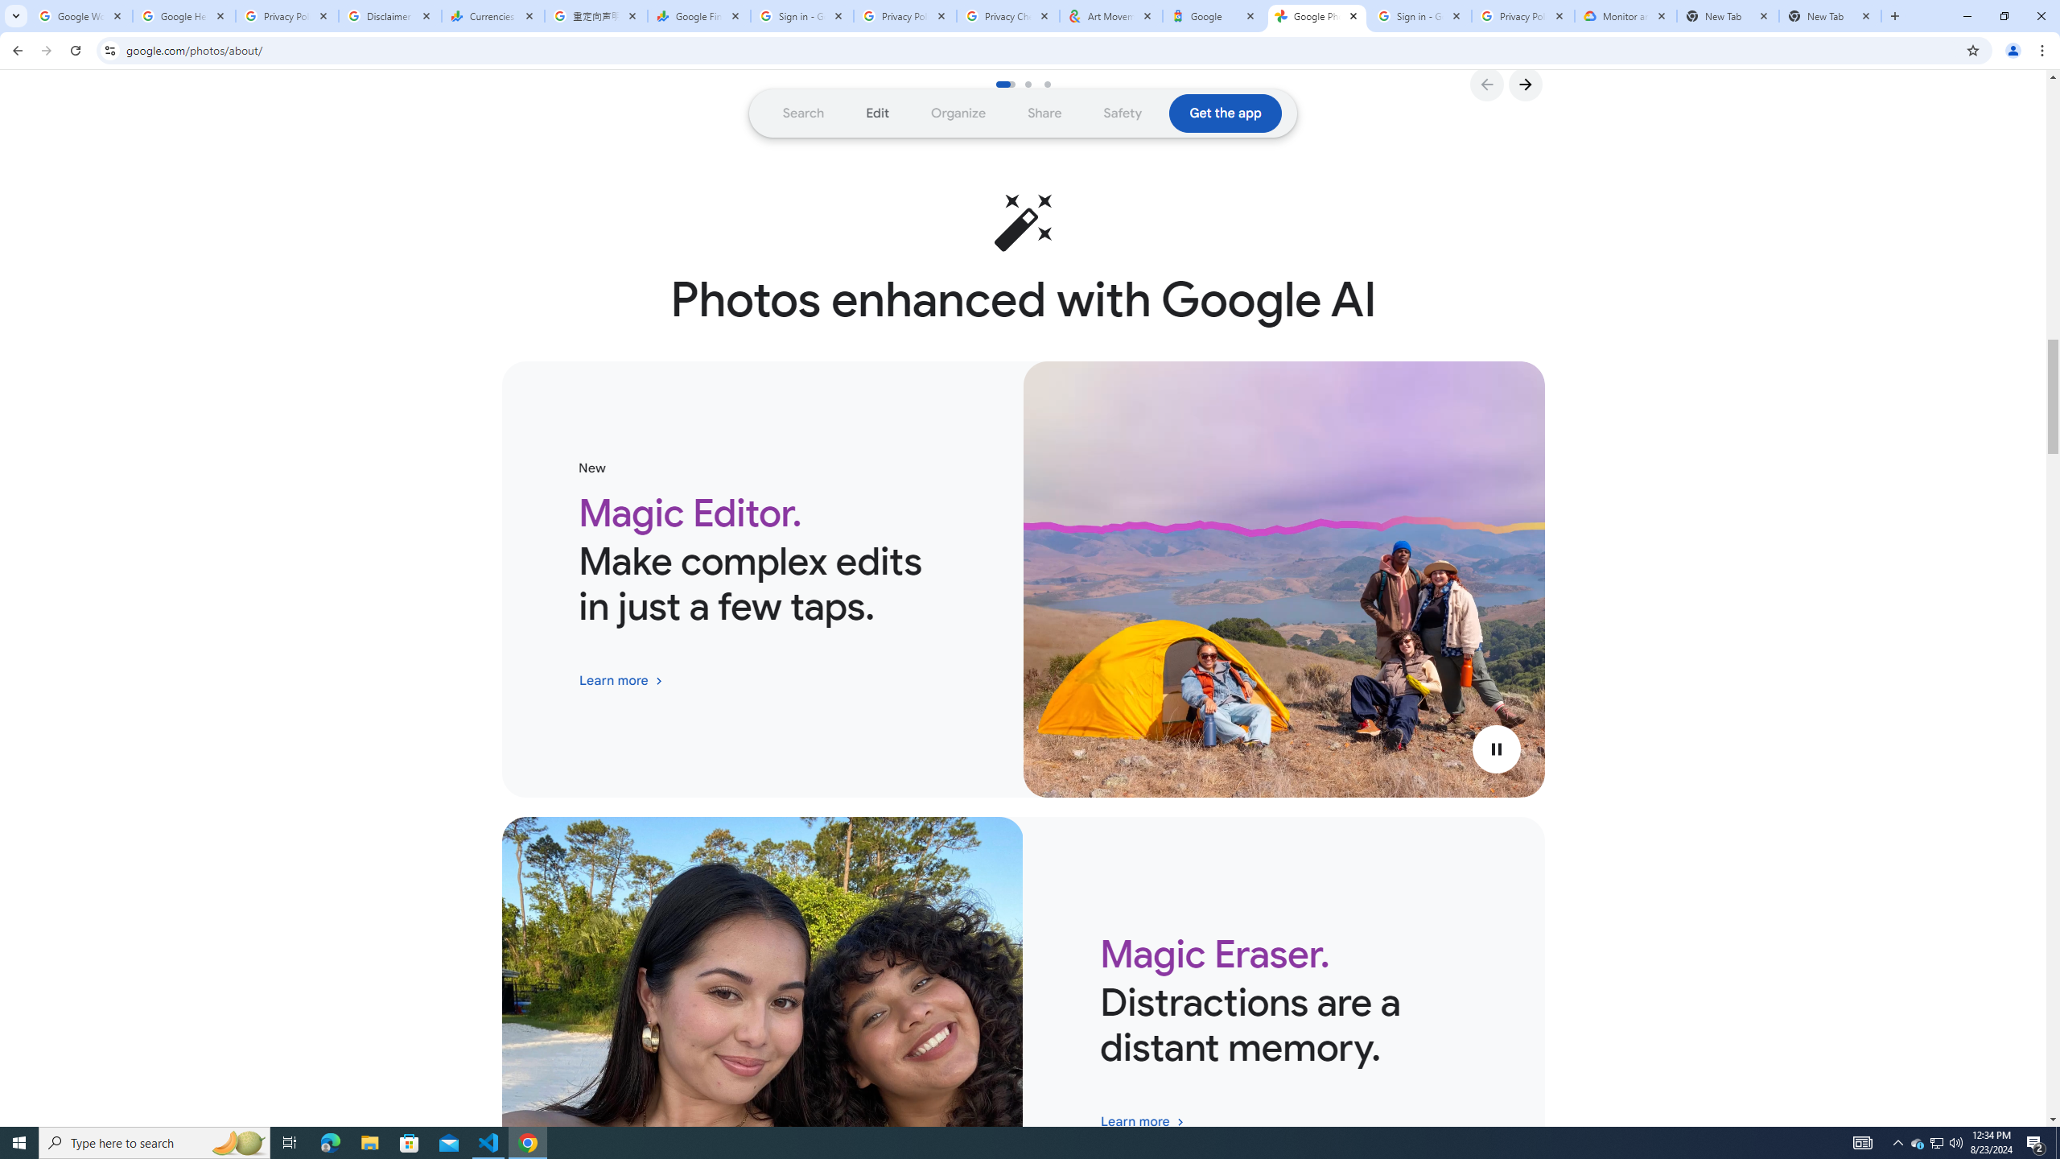  Describe the element at coordinates (1141, 1121) in the screenshot. I see `'Explore the Magic Eraser feature in Google Photos'` at that location.